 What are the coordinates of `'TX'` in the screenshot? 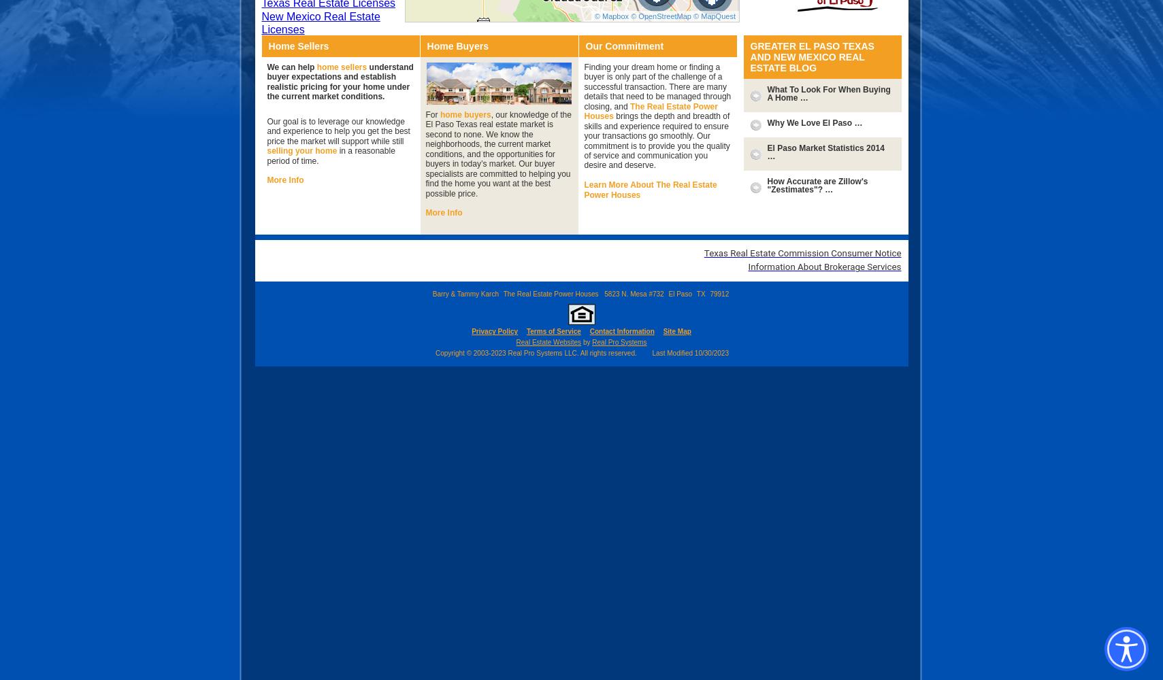 It's located at (702, 293).